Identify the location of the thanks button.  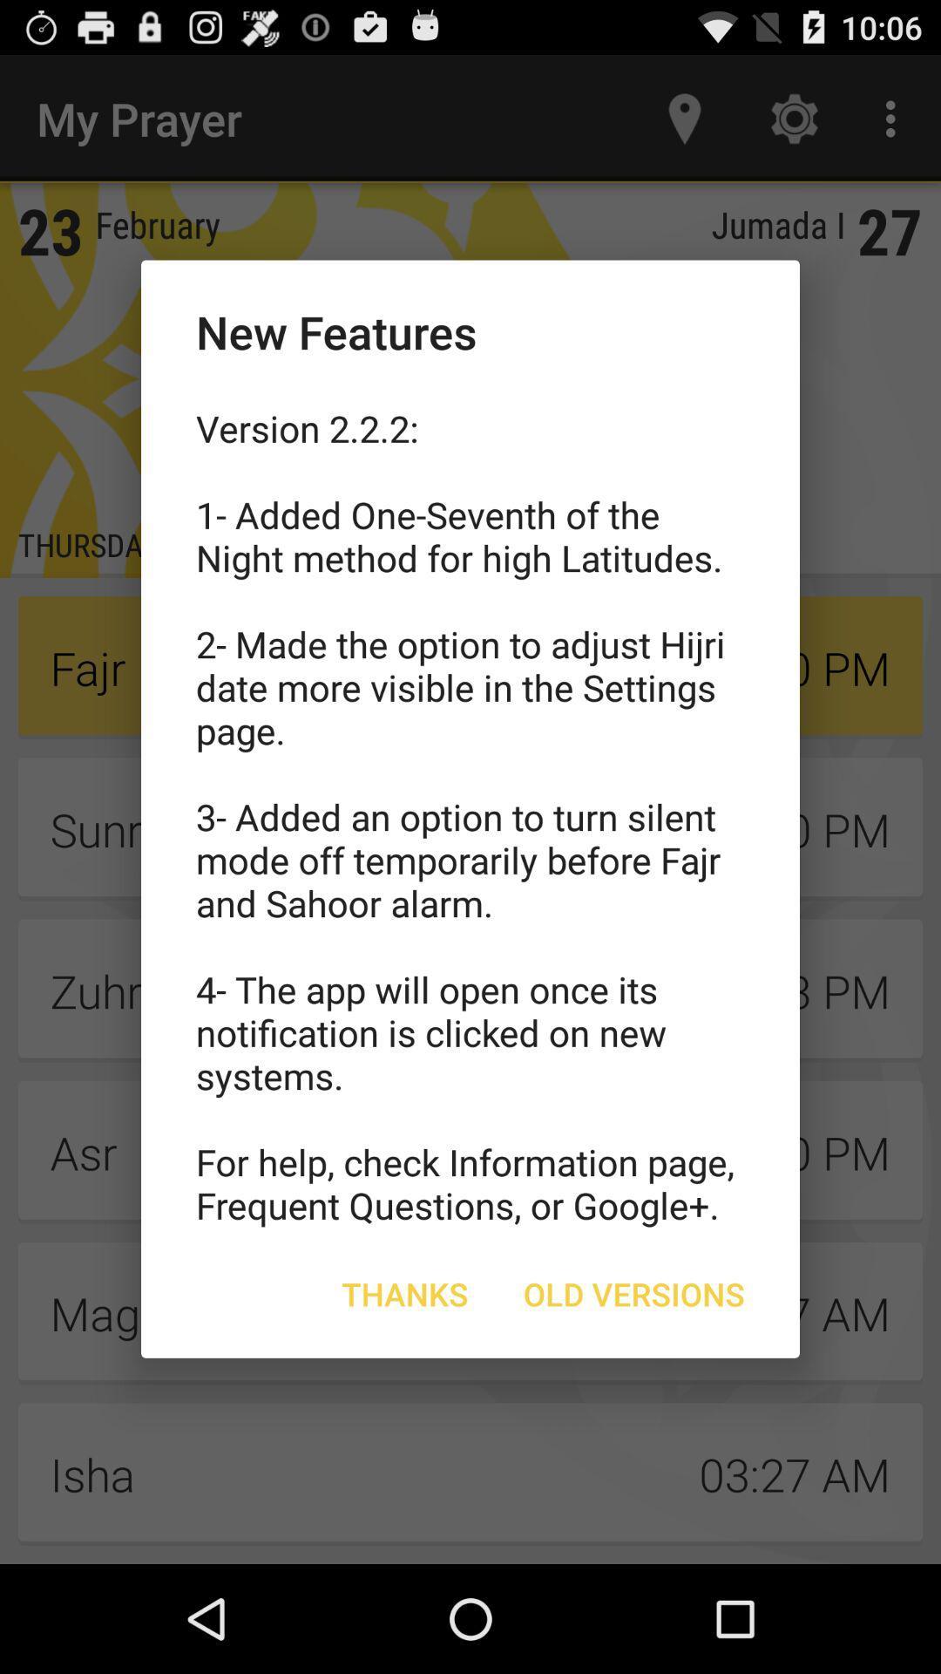
(405, 1294).